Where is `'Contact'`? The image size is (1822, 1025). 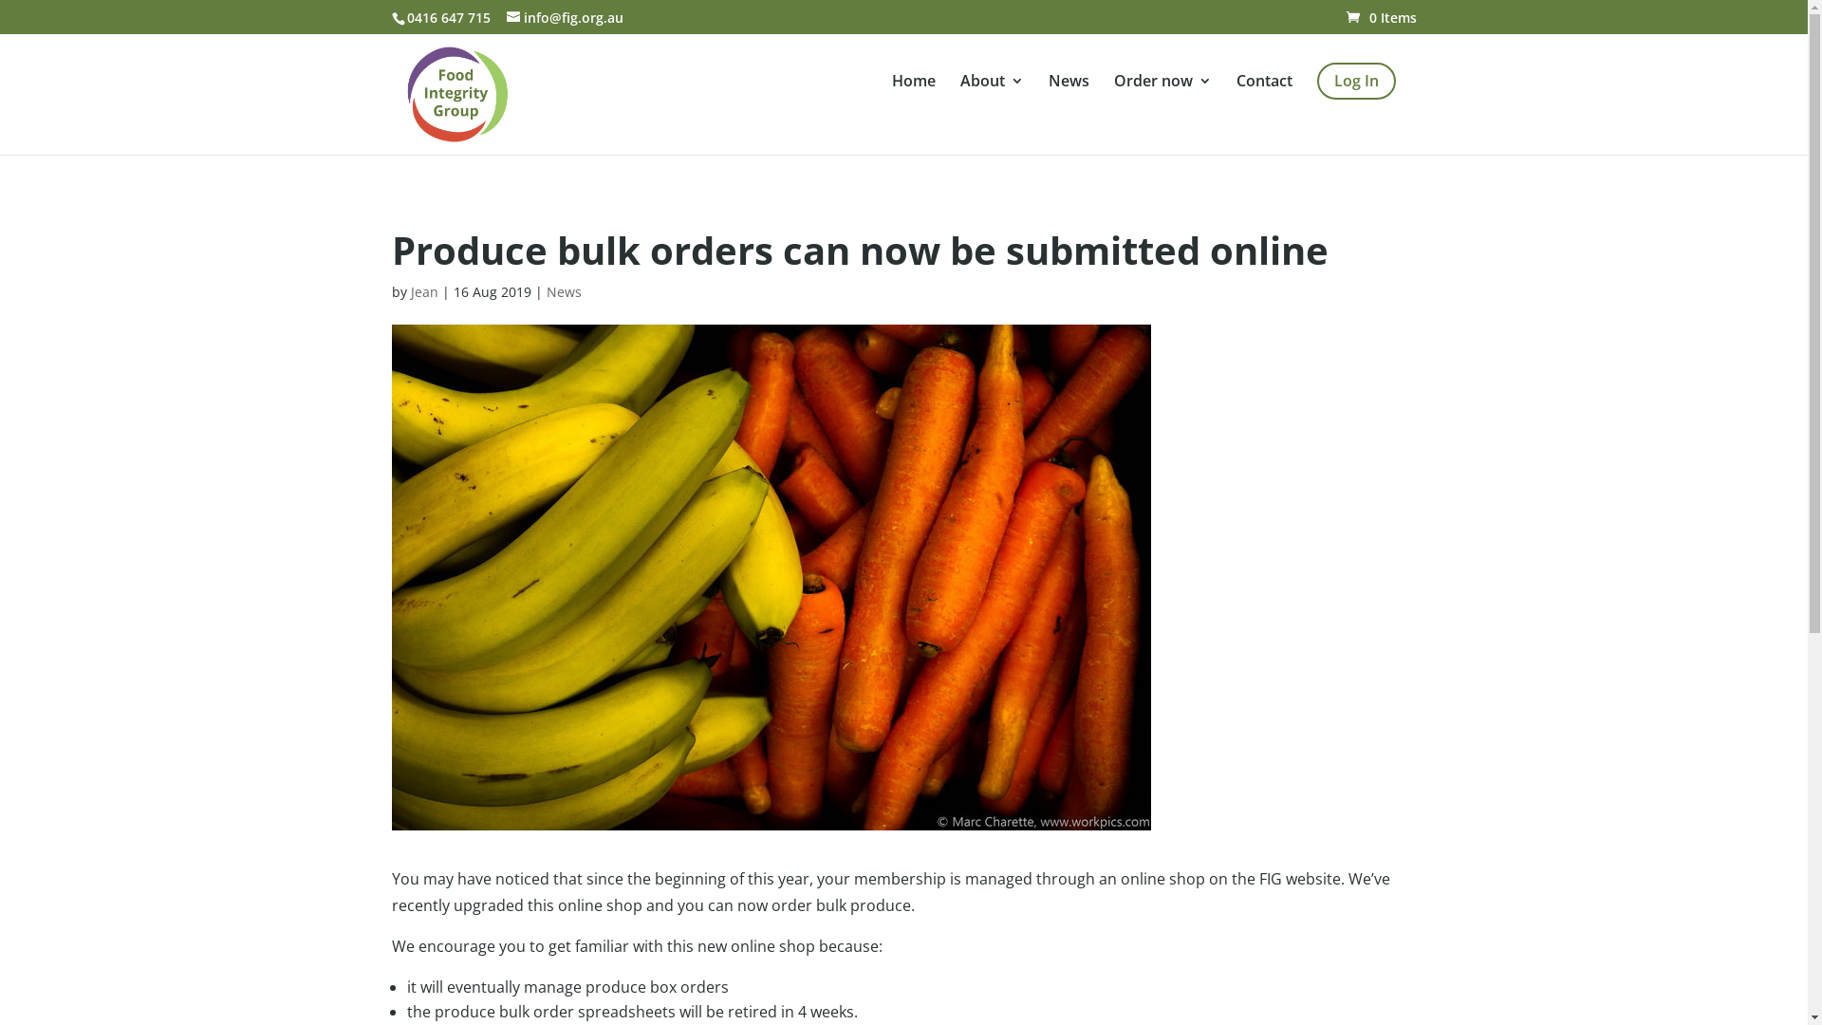
'Contact' is located at coordinates (1235, 95).